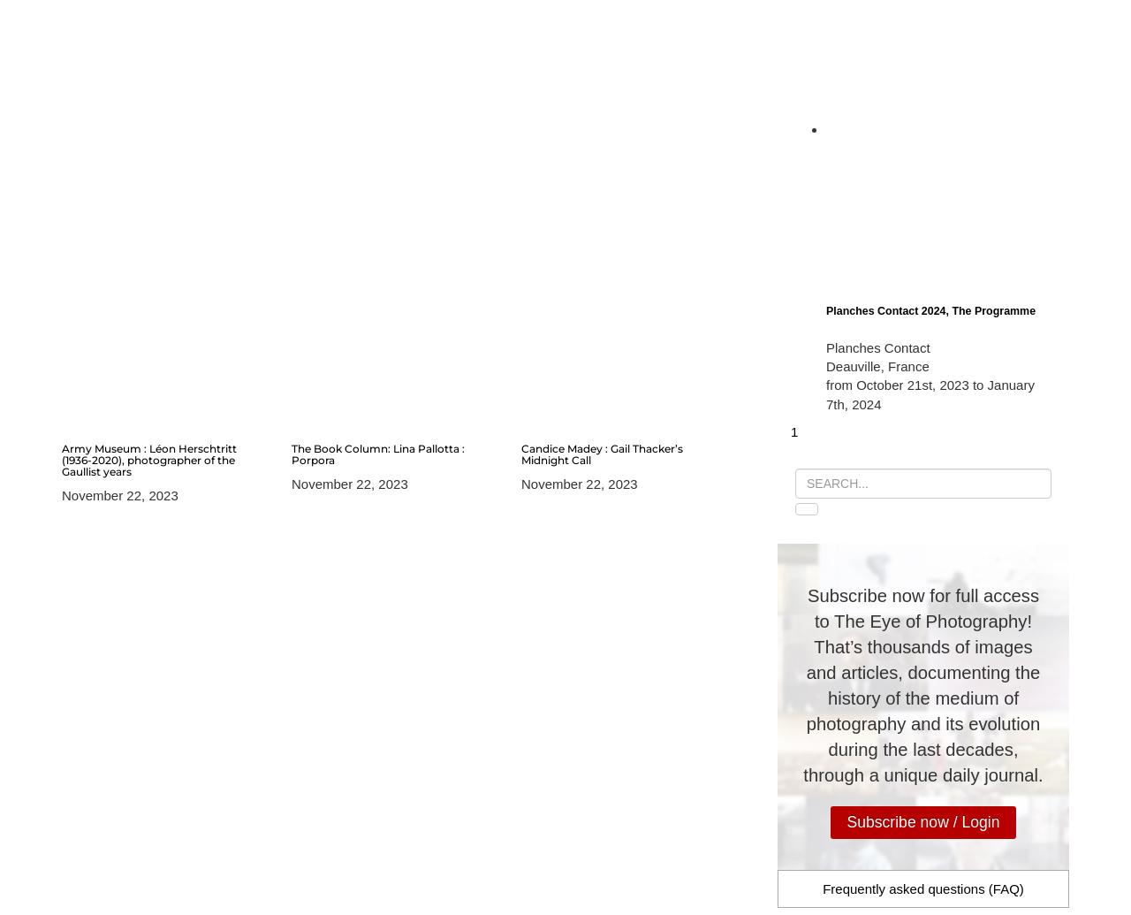 The height and width of the screenshot is (915, 1131). I want to click on 'The Book Column: Lina Pallotta : Porpora', so click(376, 454).